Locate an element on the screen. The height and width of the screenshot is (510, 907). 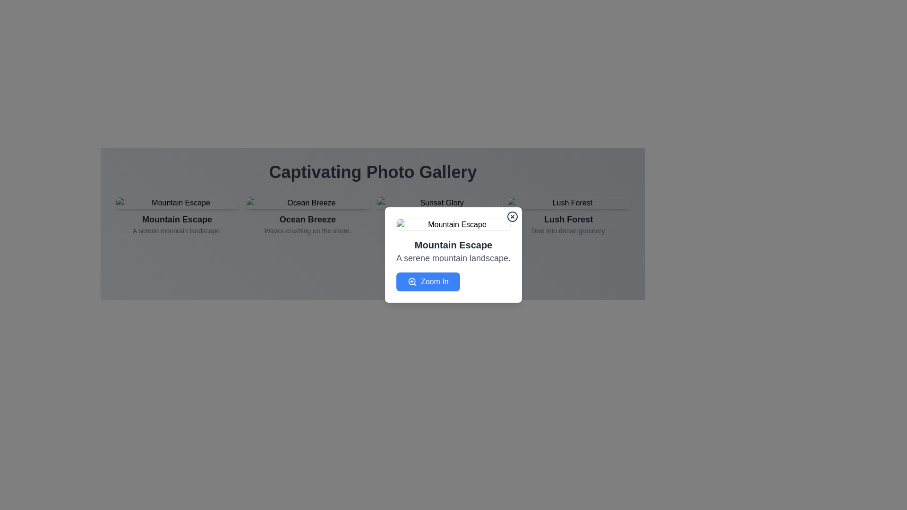
the text label that reads 'Dive into dense greenery.', which is located beneath the title 'Lush Forest' within a card-like design is located at coordinates (568, 231).